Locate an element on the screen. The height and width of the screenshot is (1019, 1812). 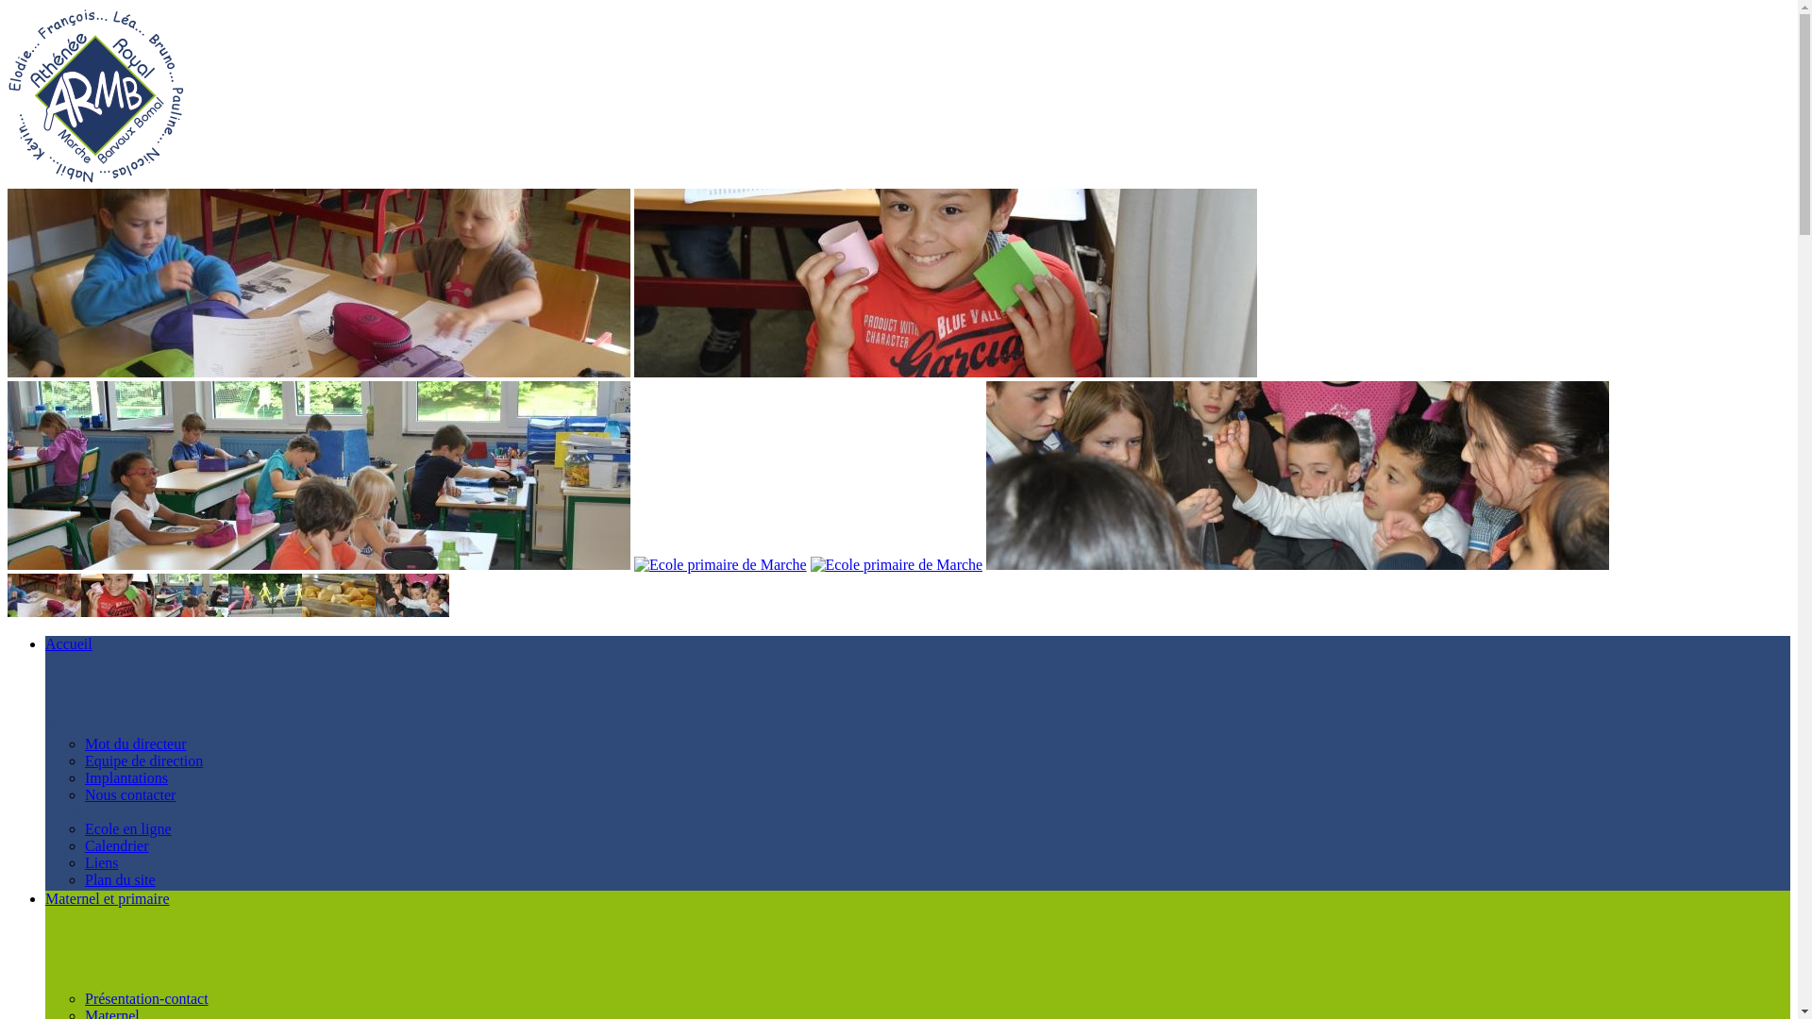
'Ecole en ligne' is located at coordinates (126, 827).